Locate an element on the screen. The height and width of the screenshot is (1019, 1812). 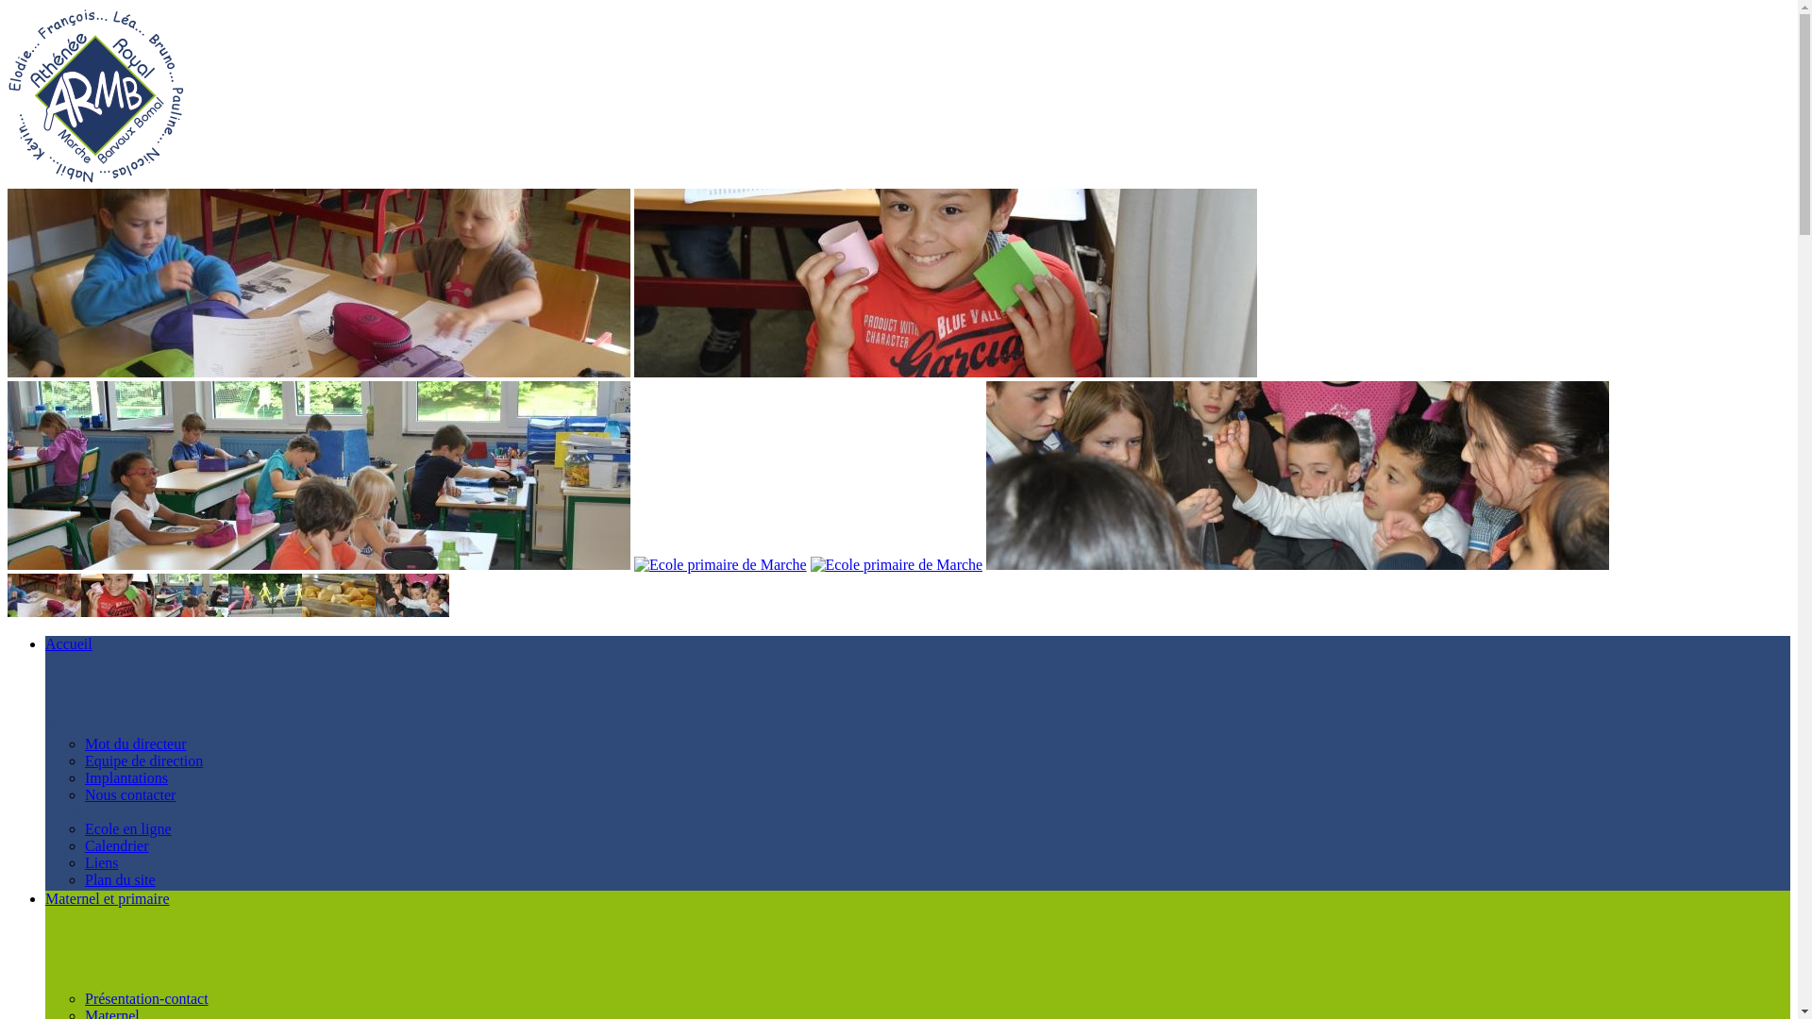
'Ecole en ligne' is located at coordinates (126, 827).